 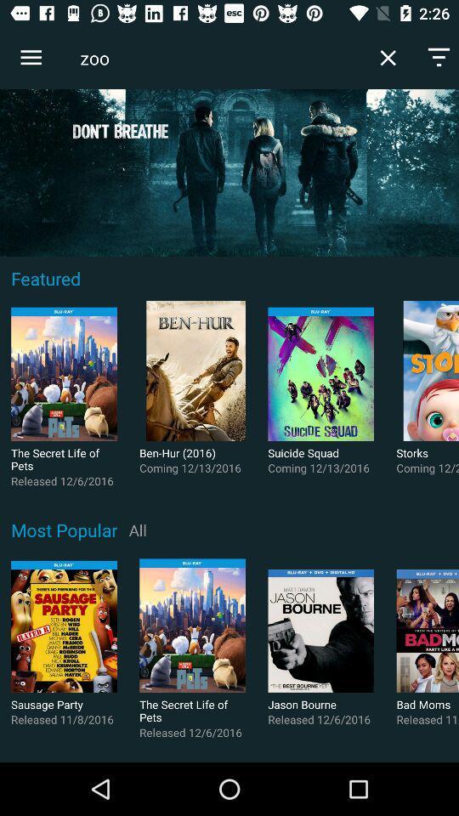 What do you see at coordinates (137, 529) in the screenshot?
I see `the icon next to the most popular icon` at bounding box center [137, 529].